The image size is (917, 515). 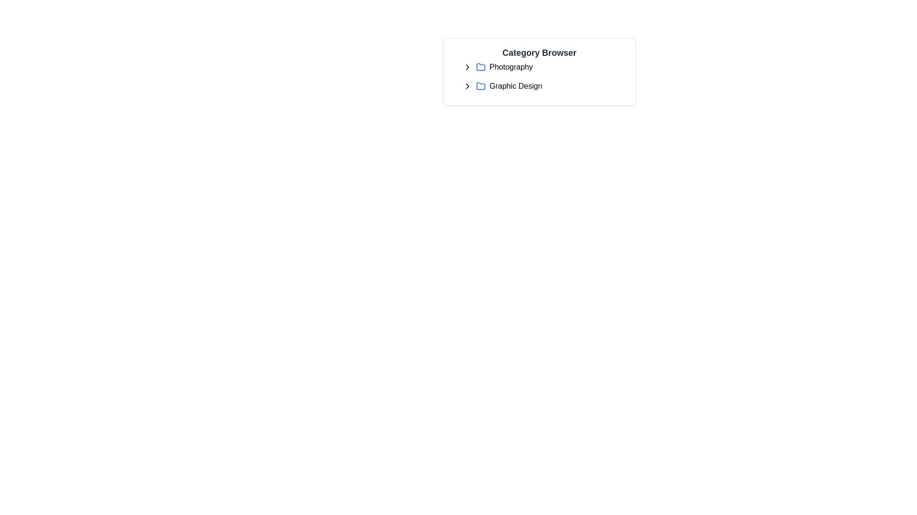 I want to click on the Chevron icon located to the left of the 'Photography' folder, so click(x=468, y=67).